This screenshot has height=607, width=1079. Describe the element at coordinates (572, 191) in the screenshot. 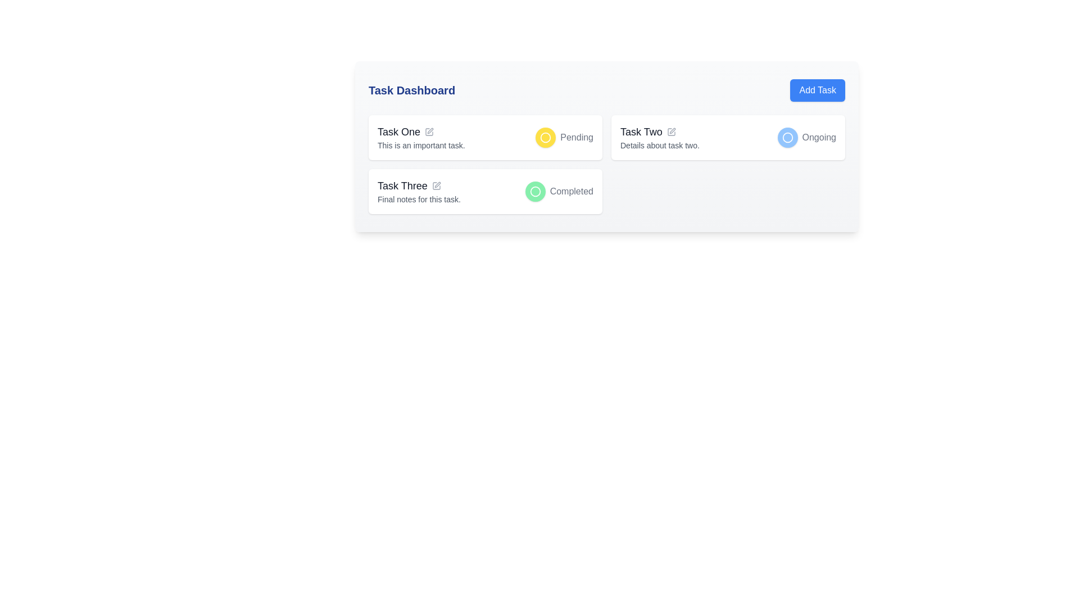

I see `the 'Completed' text label, which is styled in gray and positioned to the right of a green circular icon in the 'Task Three' section of the task dashboard` at that location.